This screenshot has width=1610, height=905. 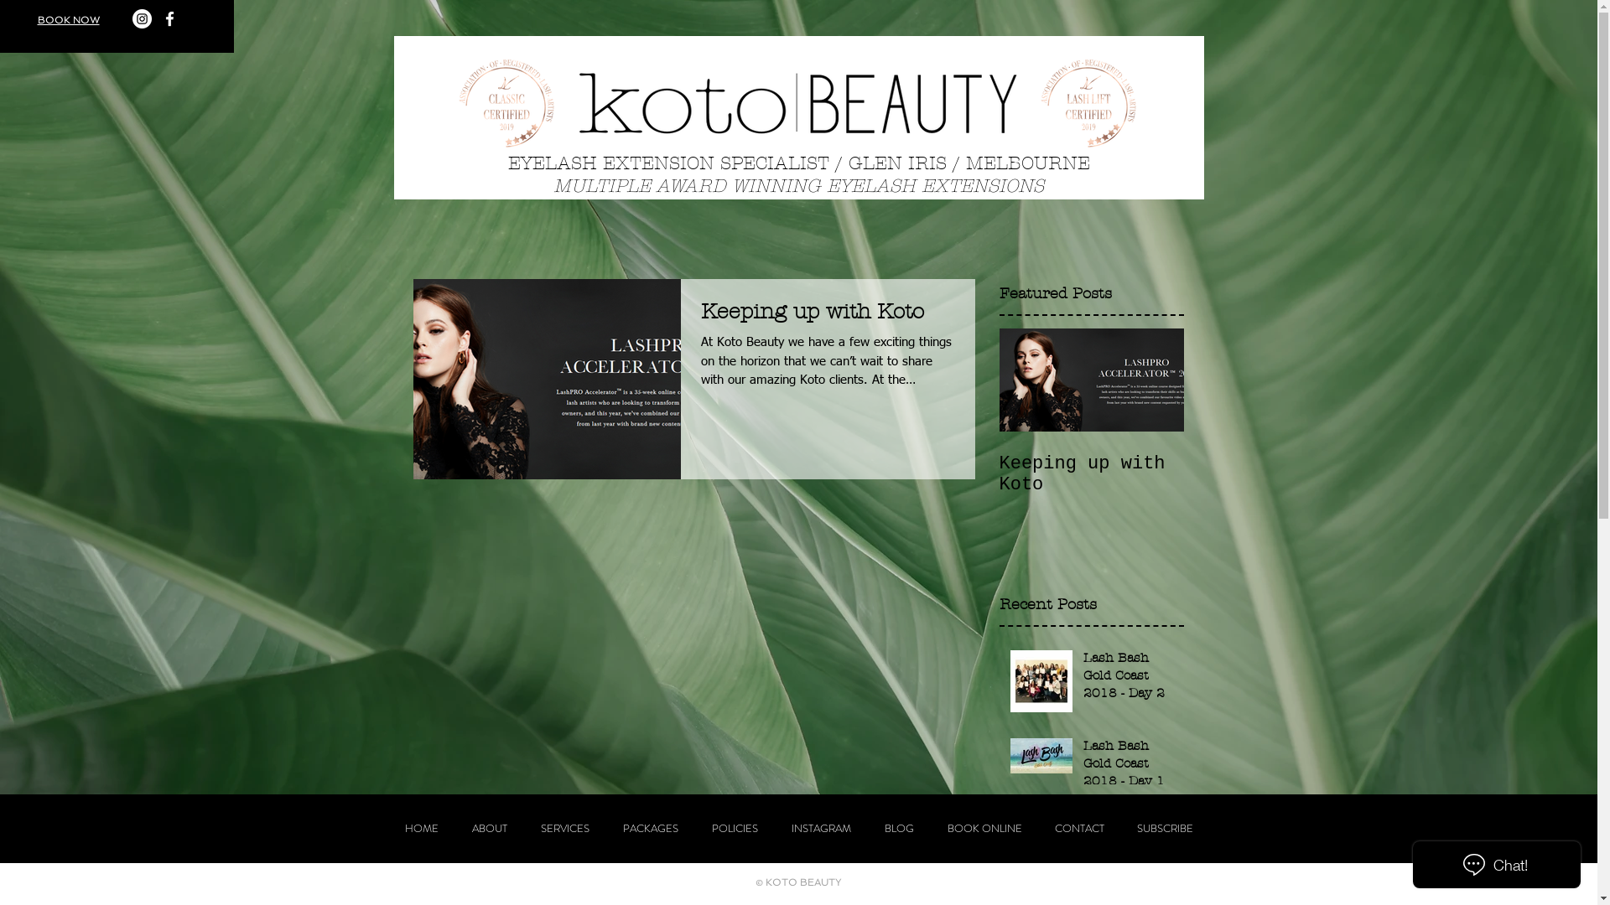 I want to click on 'SERVICES', so click(x=563, y=827).